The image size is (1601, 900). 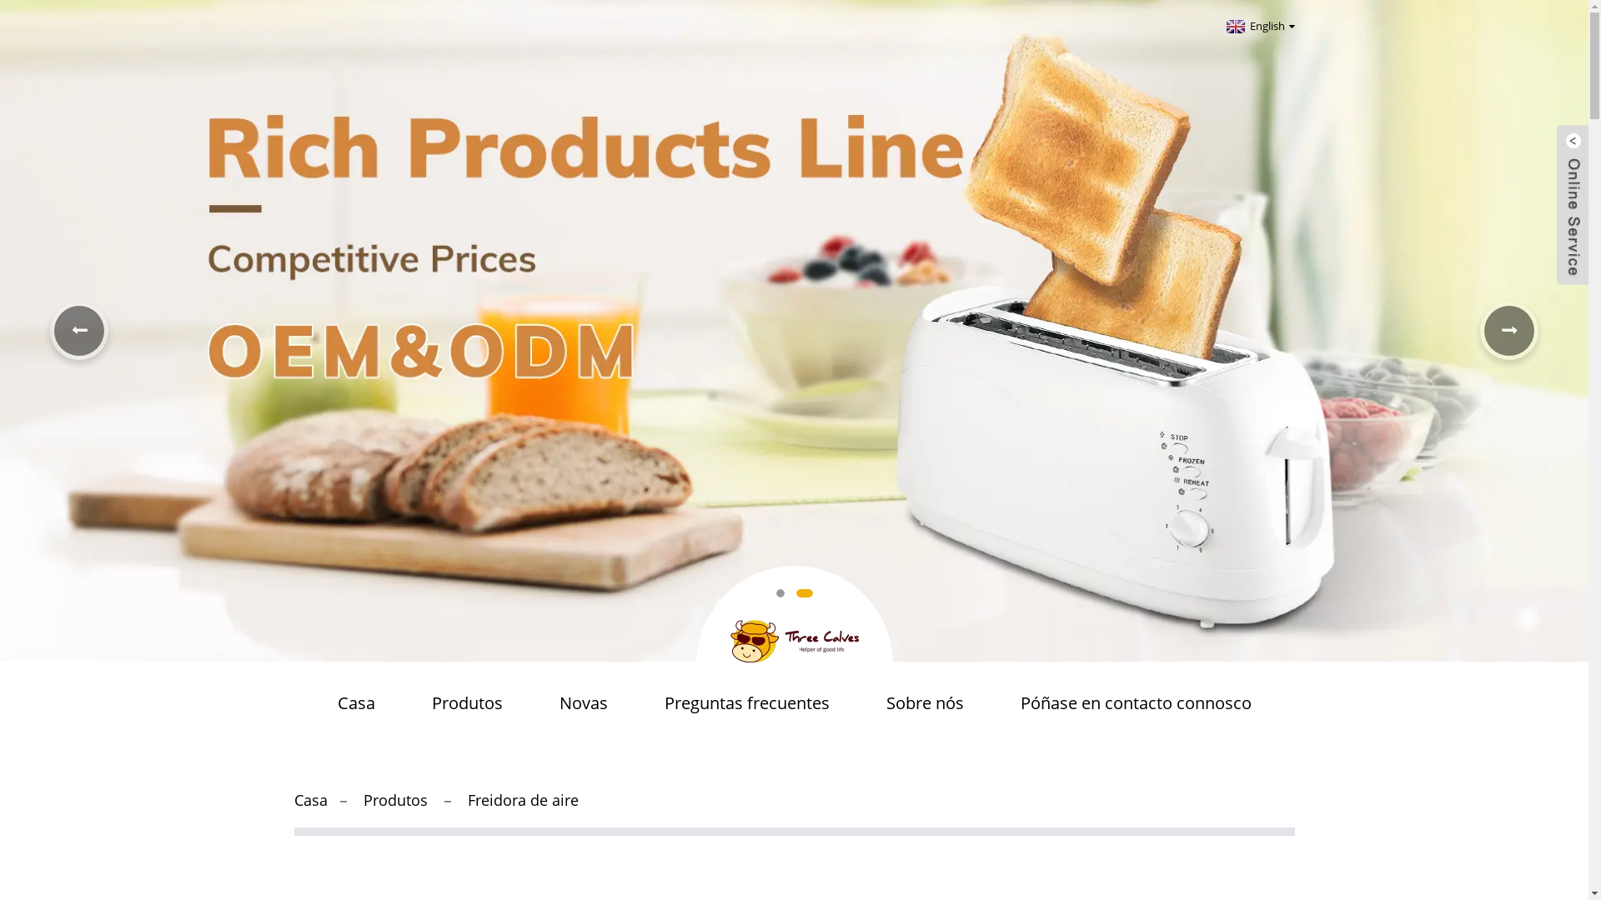 What do you see at coordinates (1222, 25) in the screenshot?
I see `'English'` at bounding box center [1222, 25].